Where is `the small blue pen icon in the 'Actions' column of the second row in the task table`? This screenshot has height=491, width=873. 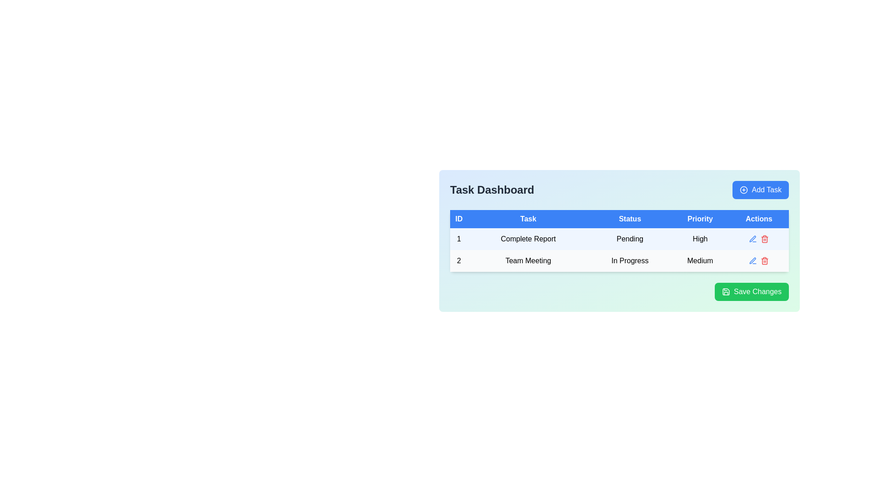 the small blue pen icon in the 'Actions' column of the second row in the task table is located at coordinates (753, 261).